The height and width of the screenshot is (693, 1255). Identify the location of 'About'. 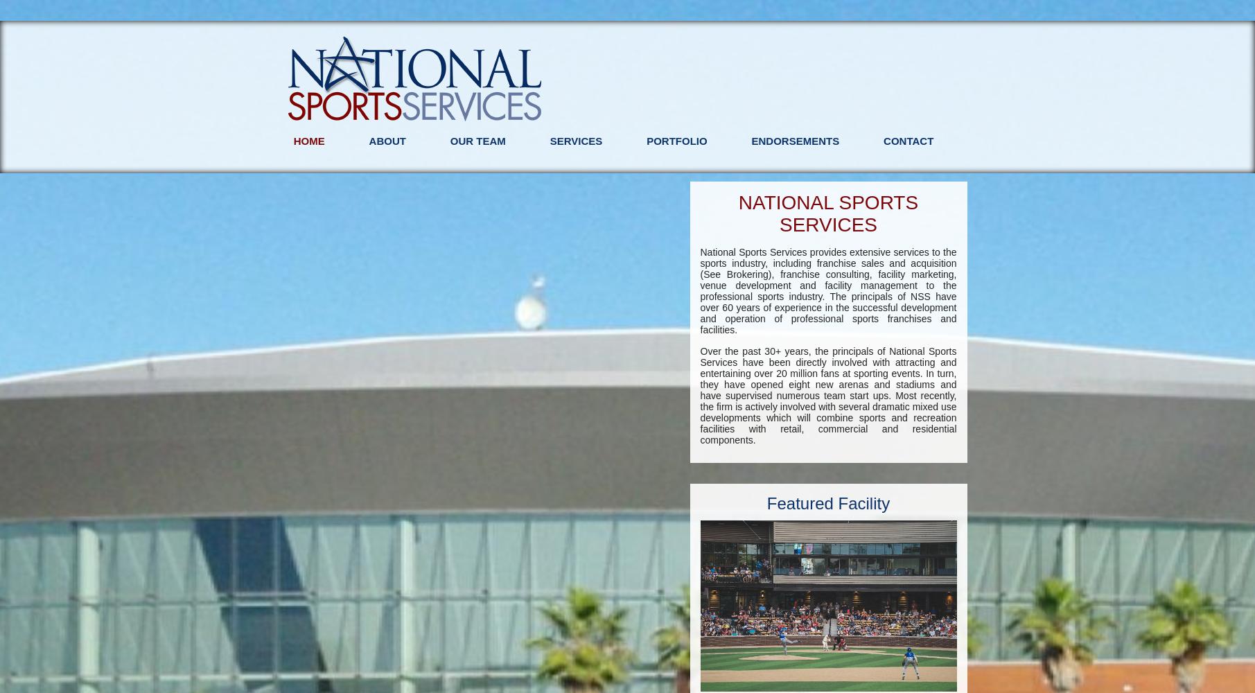
(386, 140).